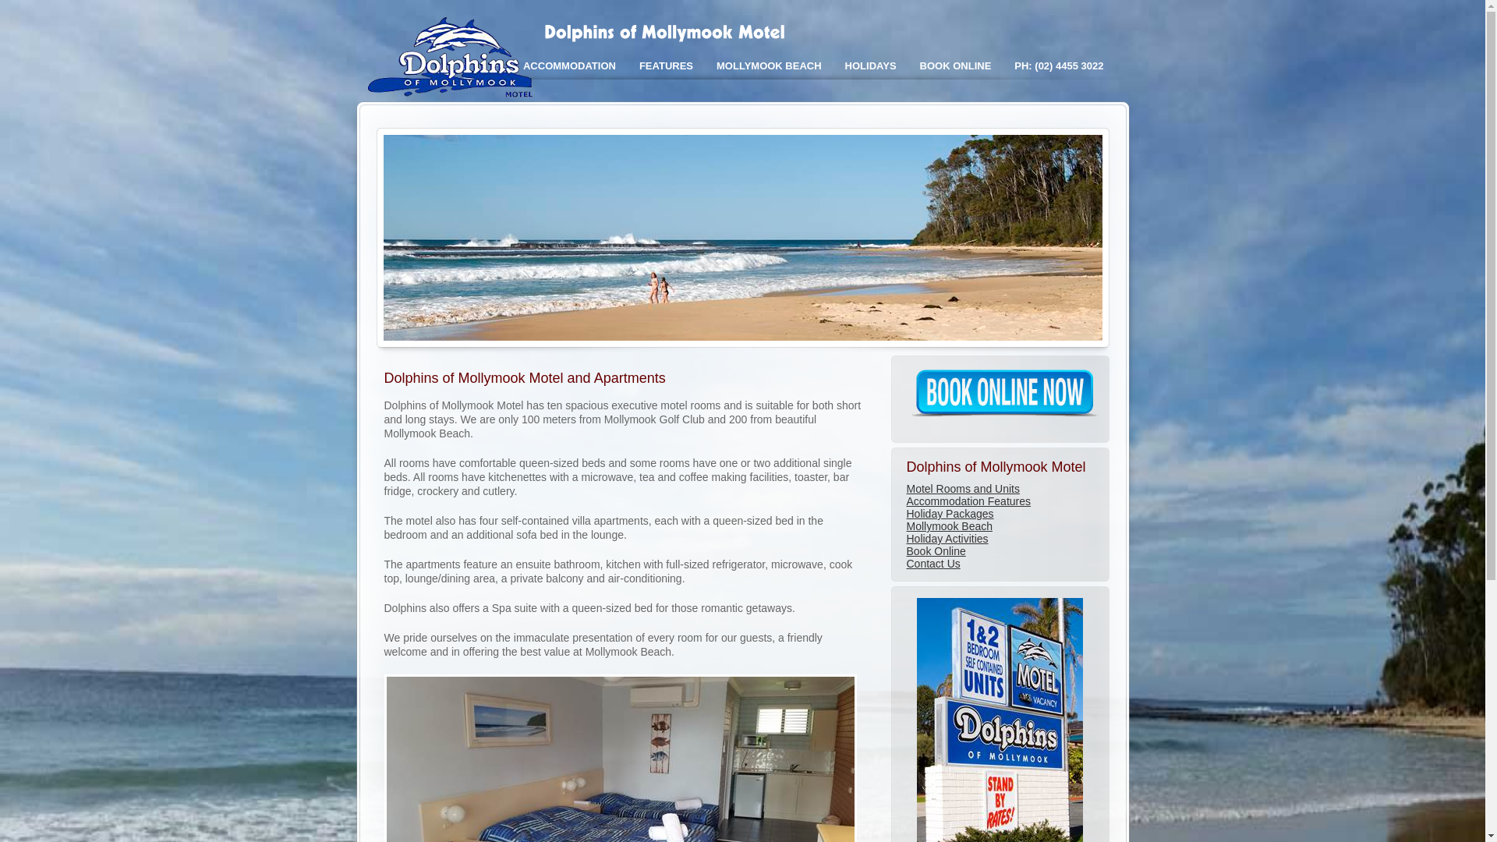 The height and width of the screenshot is (842, 1497). What do you see at coordinates (933, 563) in the screenshot?
I see `'Contact Us'` at bounding box center [933, 563].